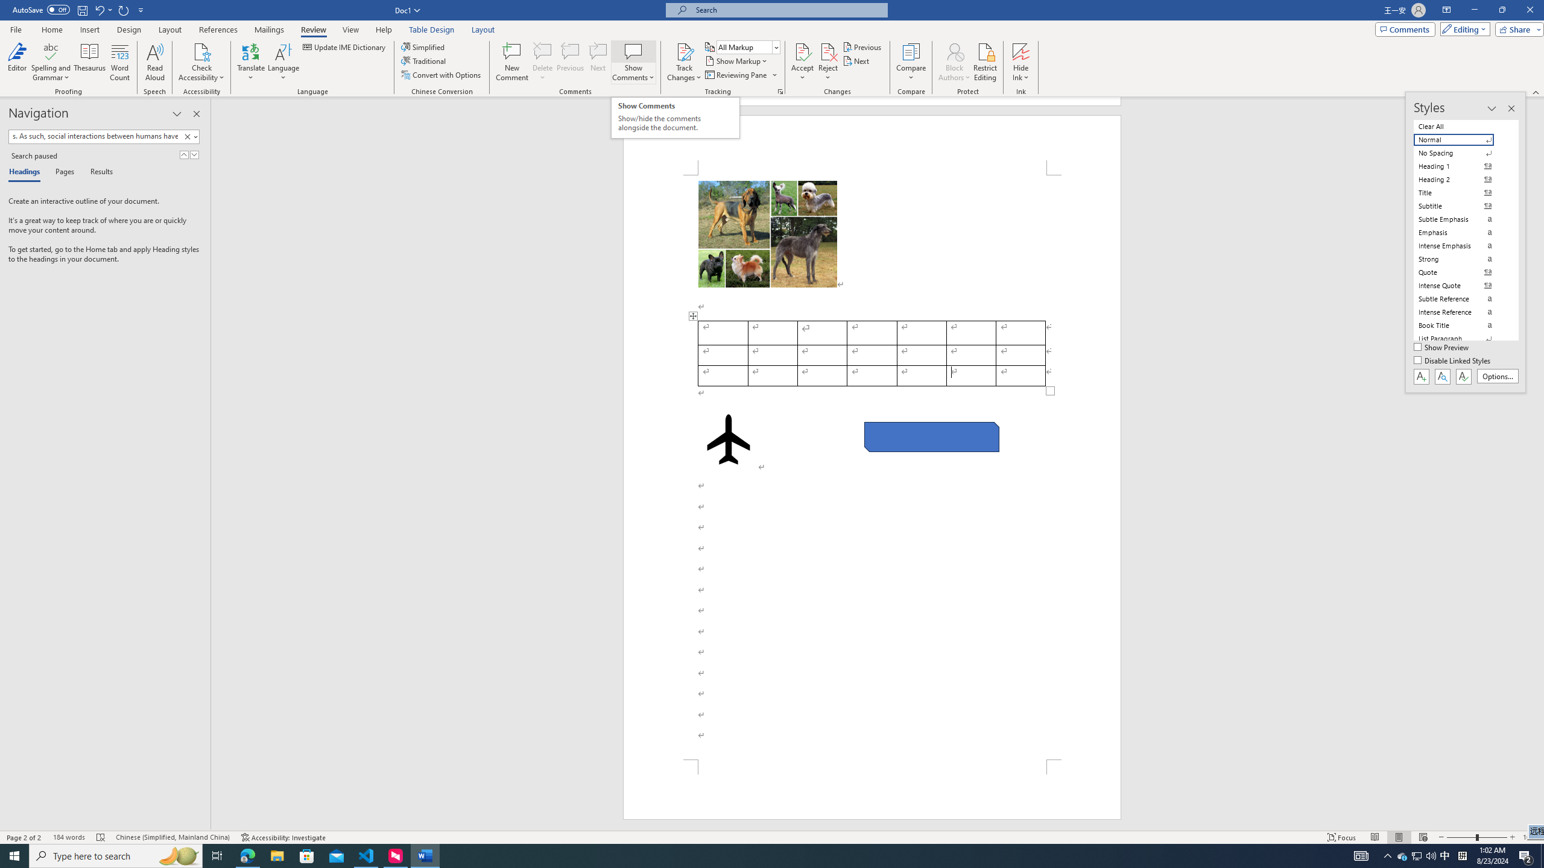 Image resolution: width=1544 pixels, height=868 pixels. I want to click on 'Title', so click(1461, 192).